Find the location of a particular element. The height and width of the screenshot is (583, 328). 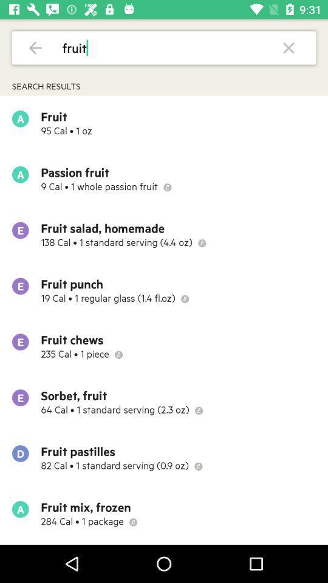

the icon above the search results item is located at coordinates (35, 47).